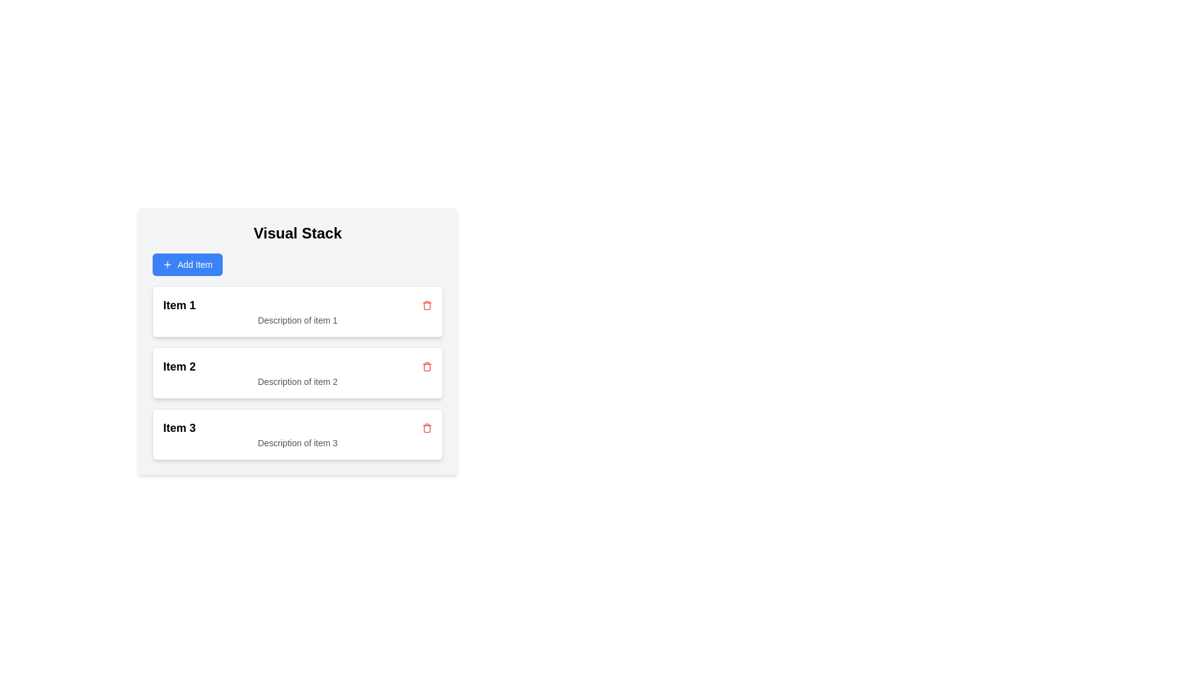  What do you see at coordinates (427, 366) in the screenshot?
I see `the delete button (trash icon) associated with 'Item 2'` at bounding box center [427, 366].